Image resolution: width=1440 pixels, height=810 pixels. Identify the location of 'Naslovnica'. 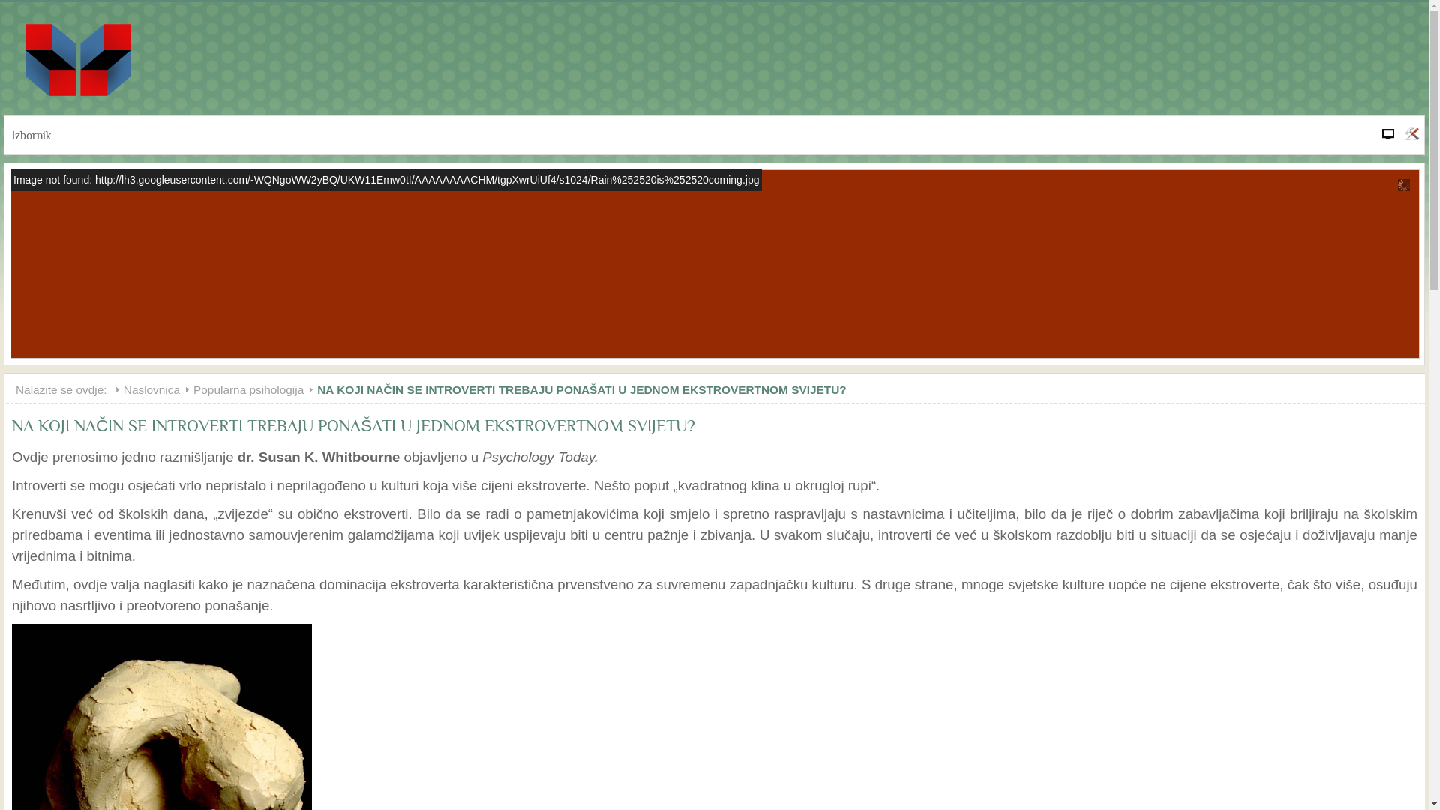
(158, 388).